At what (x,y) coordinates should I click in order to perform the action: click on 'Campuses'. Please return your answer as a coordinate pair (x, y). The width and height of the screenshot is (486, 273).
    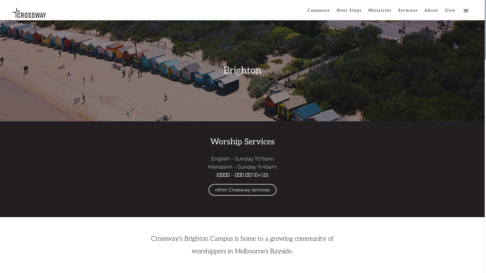
    Looking at the image, I should click on (318, 12).